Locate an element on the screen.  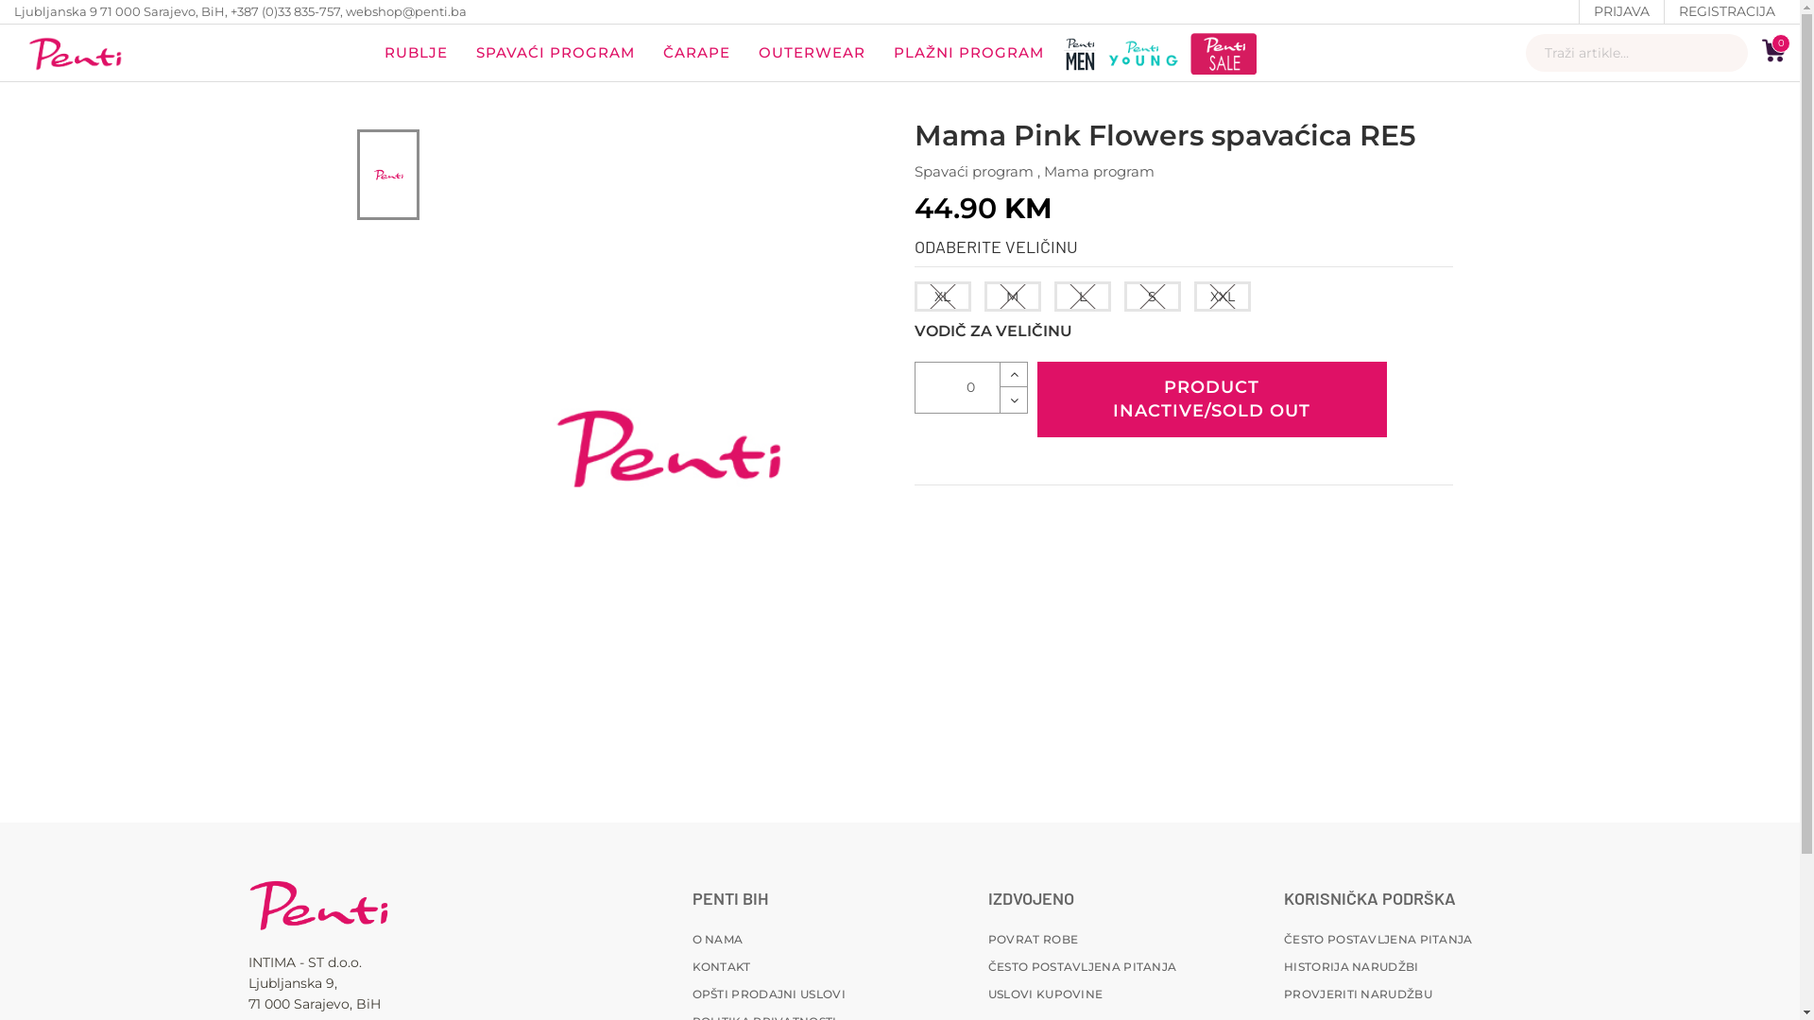
'penti-young' is located at coordinates (1141, 52).